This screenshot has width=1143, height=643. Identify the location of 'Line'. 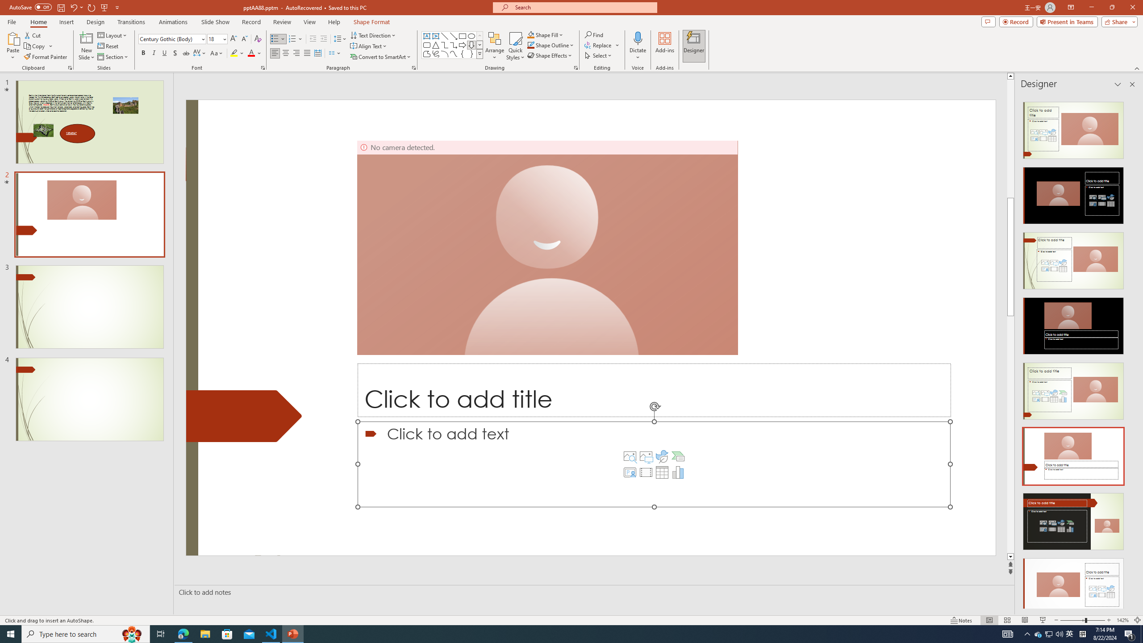
(444, 36).